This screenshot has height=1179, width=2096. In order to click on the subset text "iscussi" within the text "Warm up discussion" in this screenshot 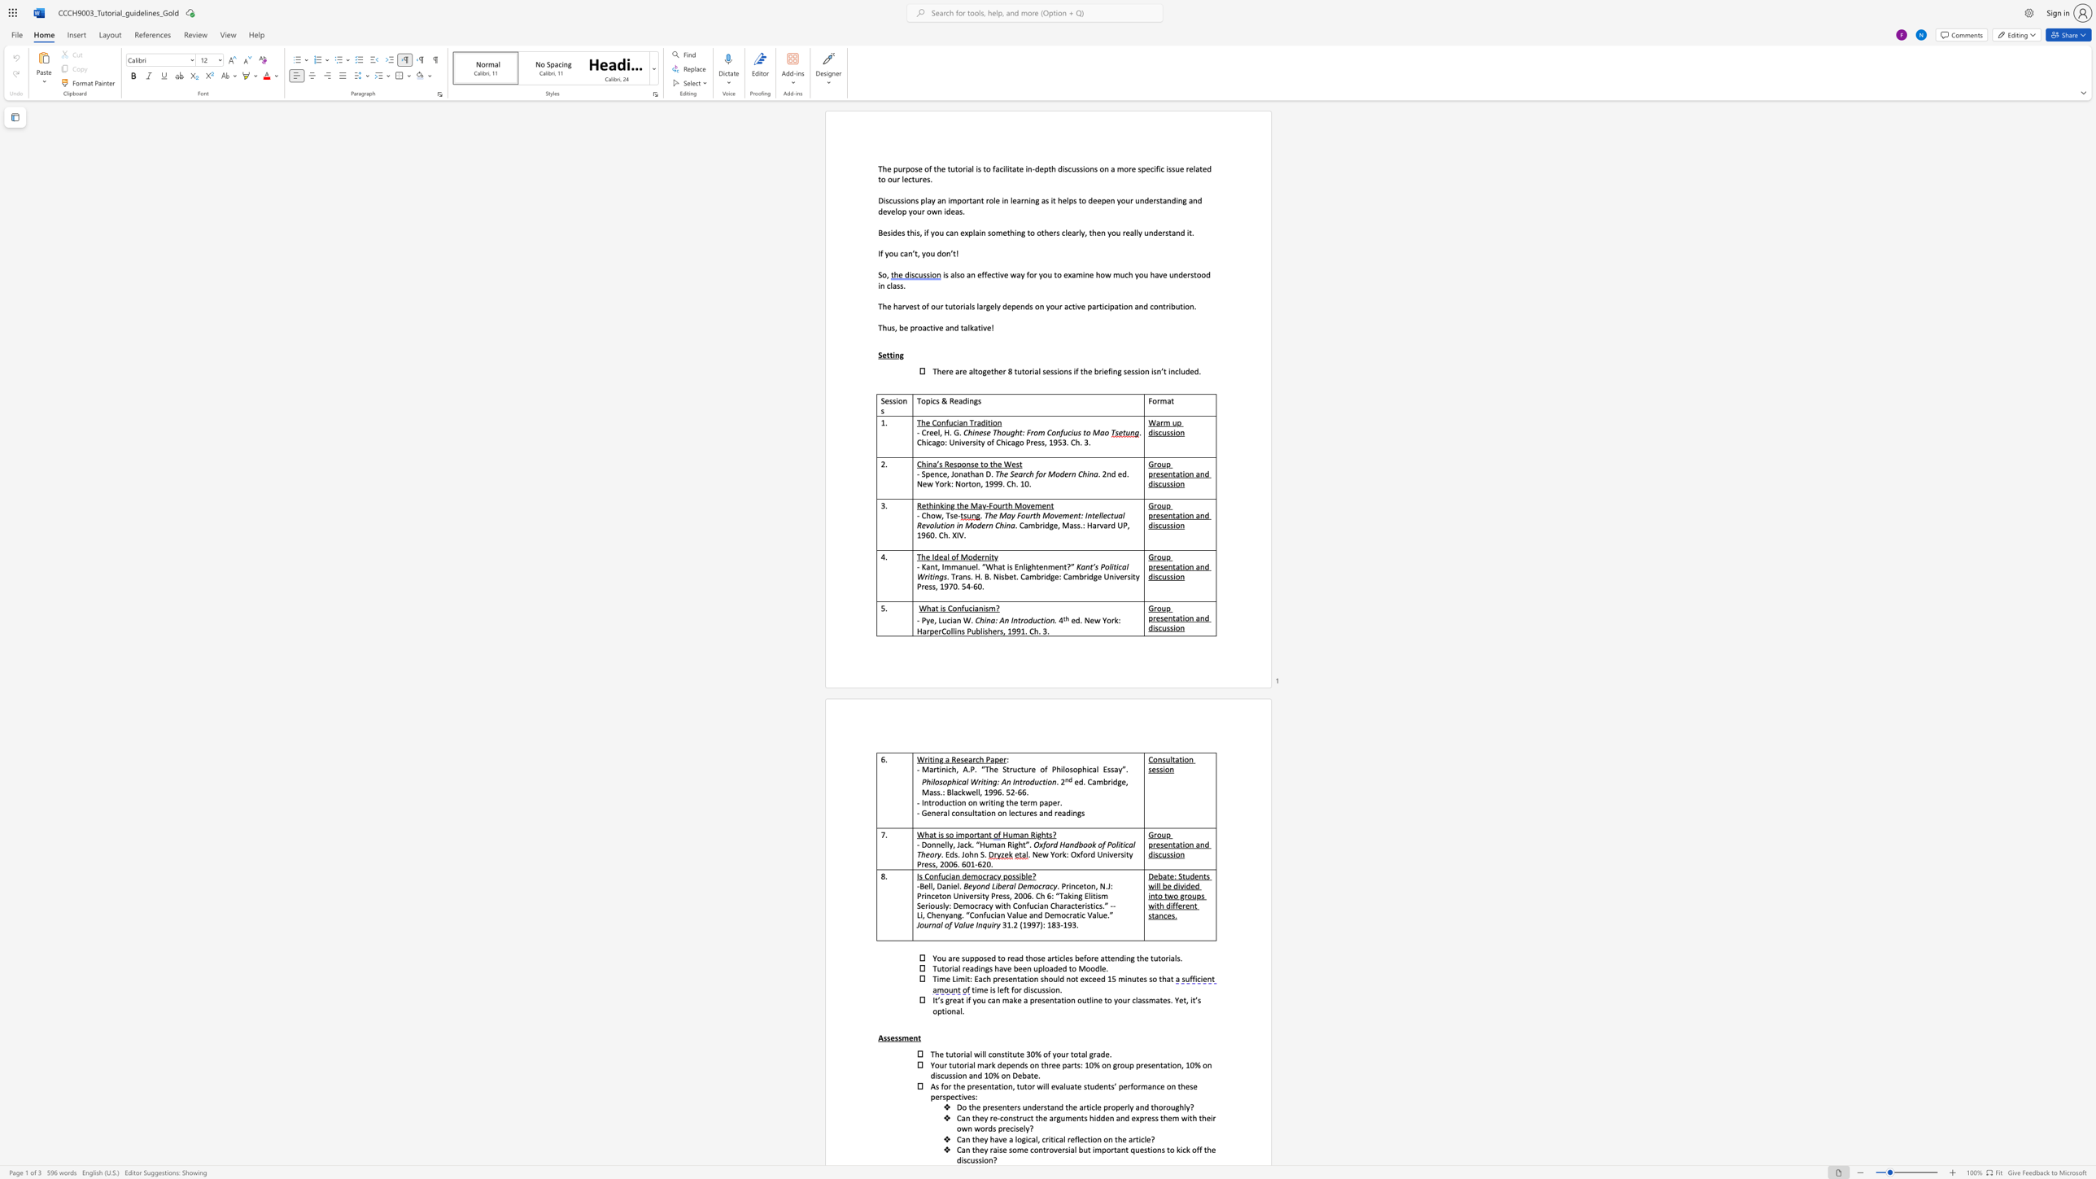, I will do `click(1152, 432)`.